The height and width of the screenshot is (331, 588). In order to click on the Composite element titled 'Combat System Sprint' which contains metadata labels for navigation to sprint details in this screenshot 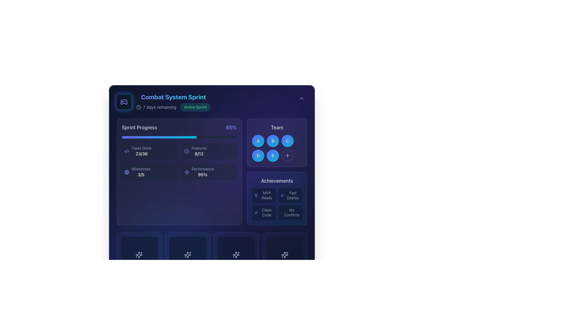, I will do `click(173, 101)`.